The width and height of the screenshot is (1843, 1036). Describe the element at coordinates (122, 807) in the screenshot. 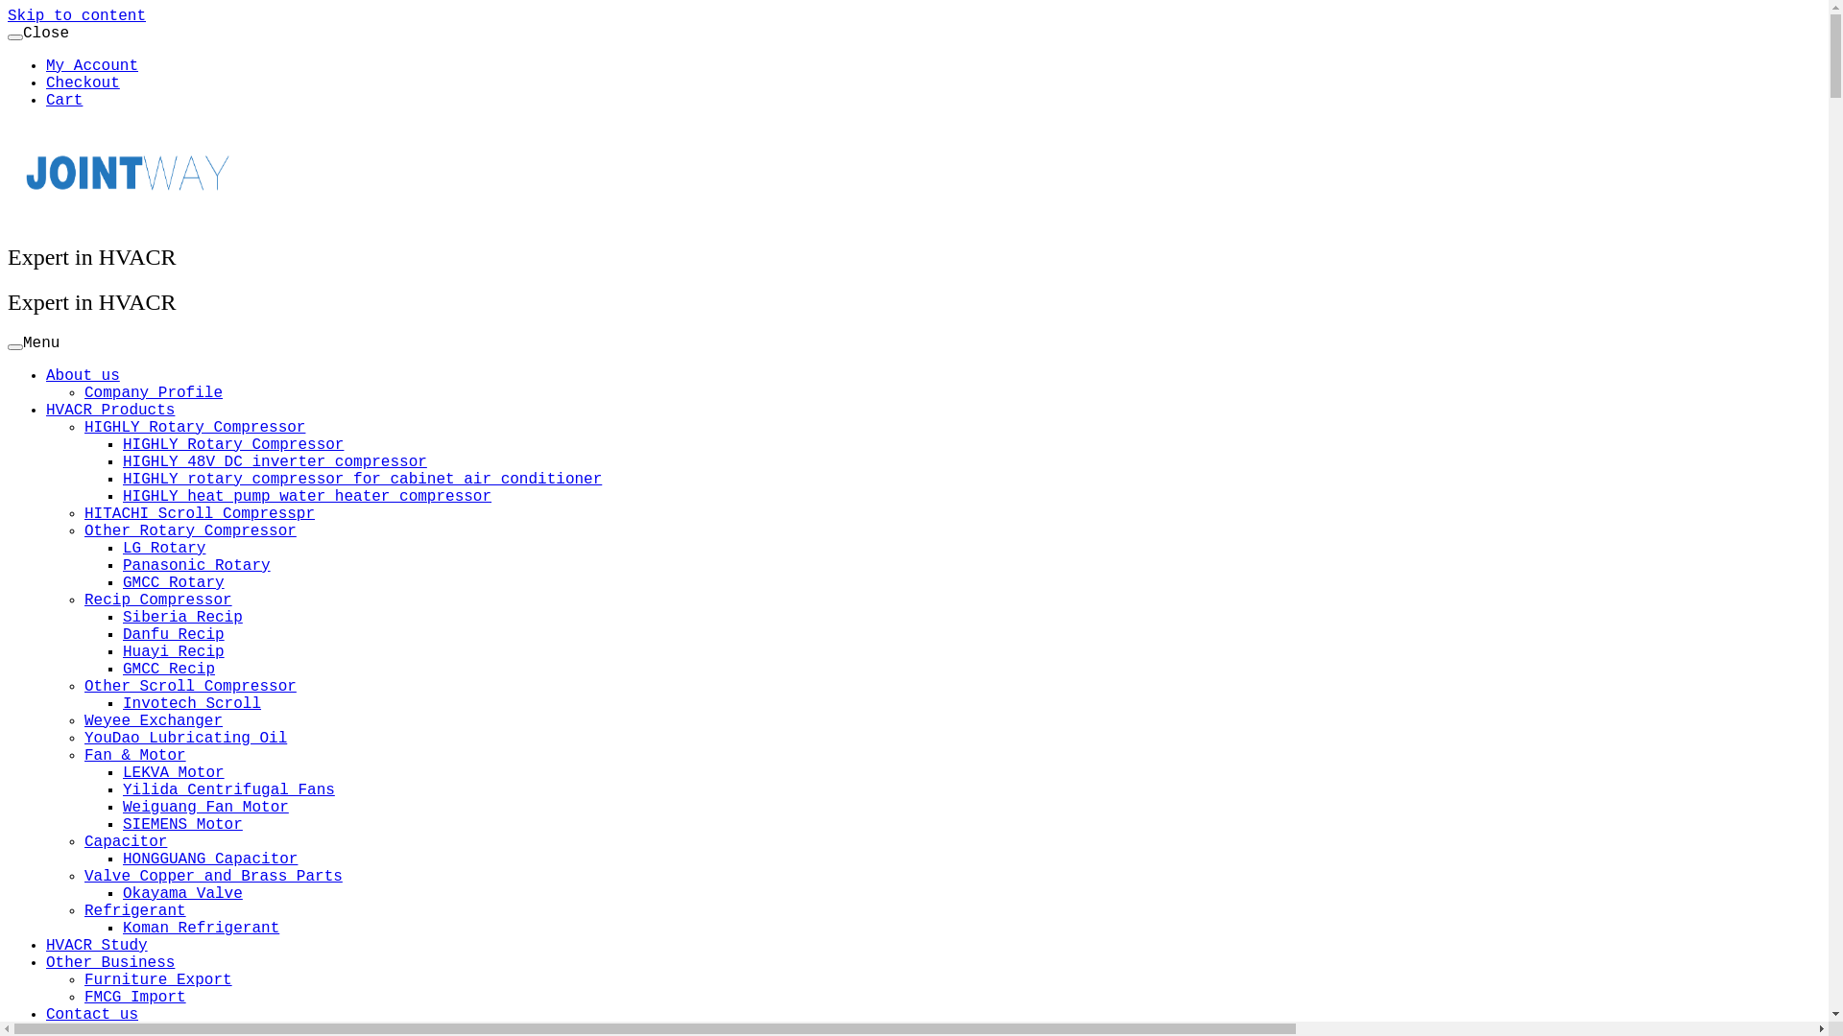

I see `'Weiguang Fan Motor'` at that location.